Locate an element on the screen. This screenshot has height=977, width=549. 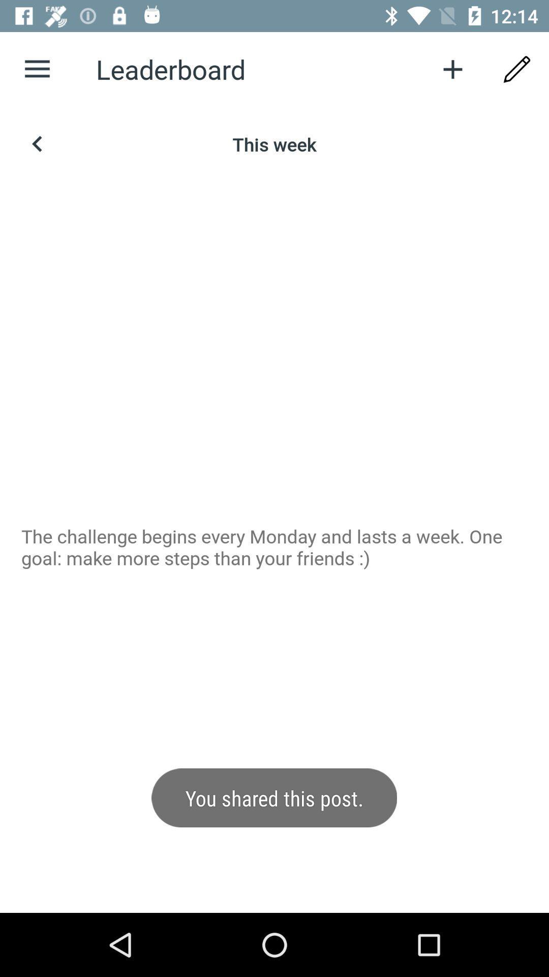
go back is located at coordinates (37, 143).